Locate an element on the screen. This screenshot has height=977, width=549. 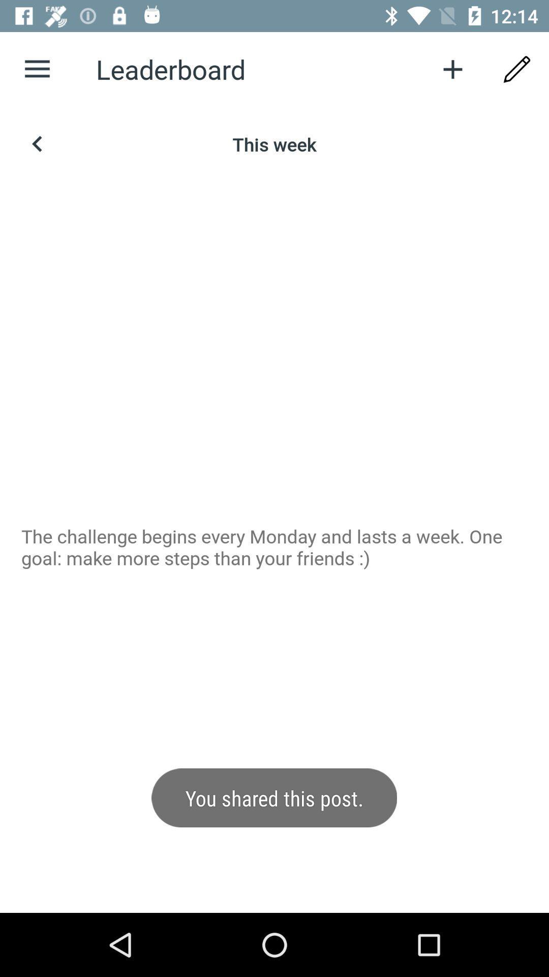
go back is located at coordinates (37, 143).